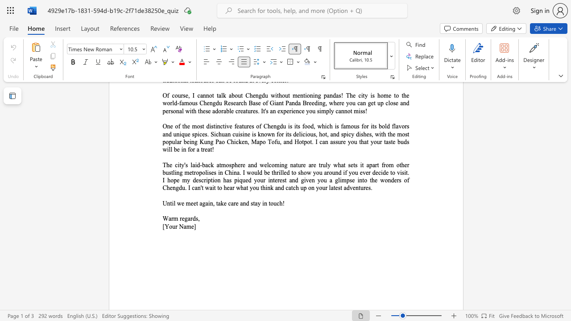 This screenshot has height=321, width=571. I want to click on the space between the continuous character "s" and "t" in the text, so click(252, 203).